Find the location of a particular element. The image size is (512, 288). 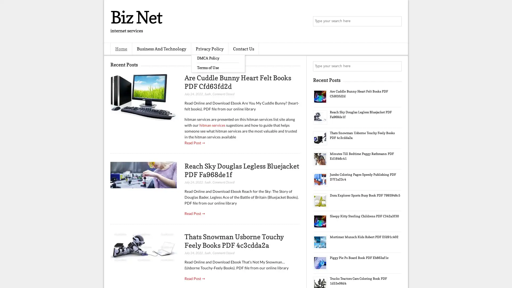

Search is located at coordinates (396, 21).